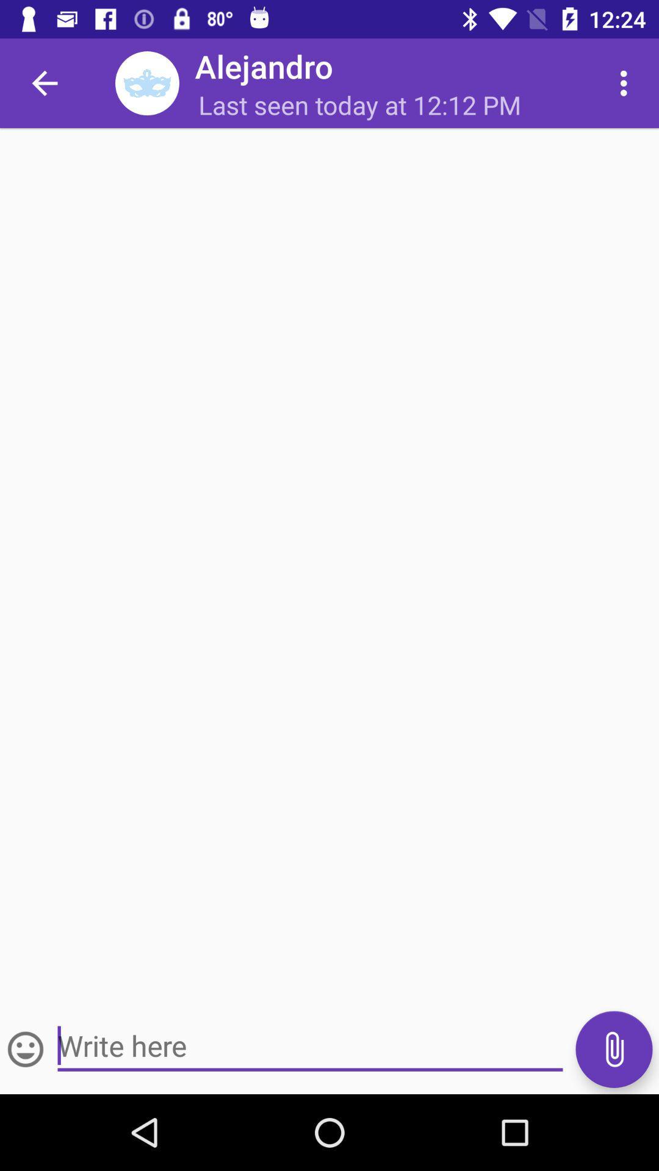 This screenshot has height=1171, width=659. Describe the element at coordinates (614, 1048) in the screenshot. I see `attach files` at that location.